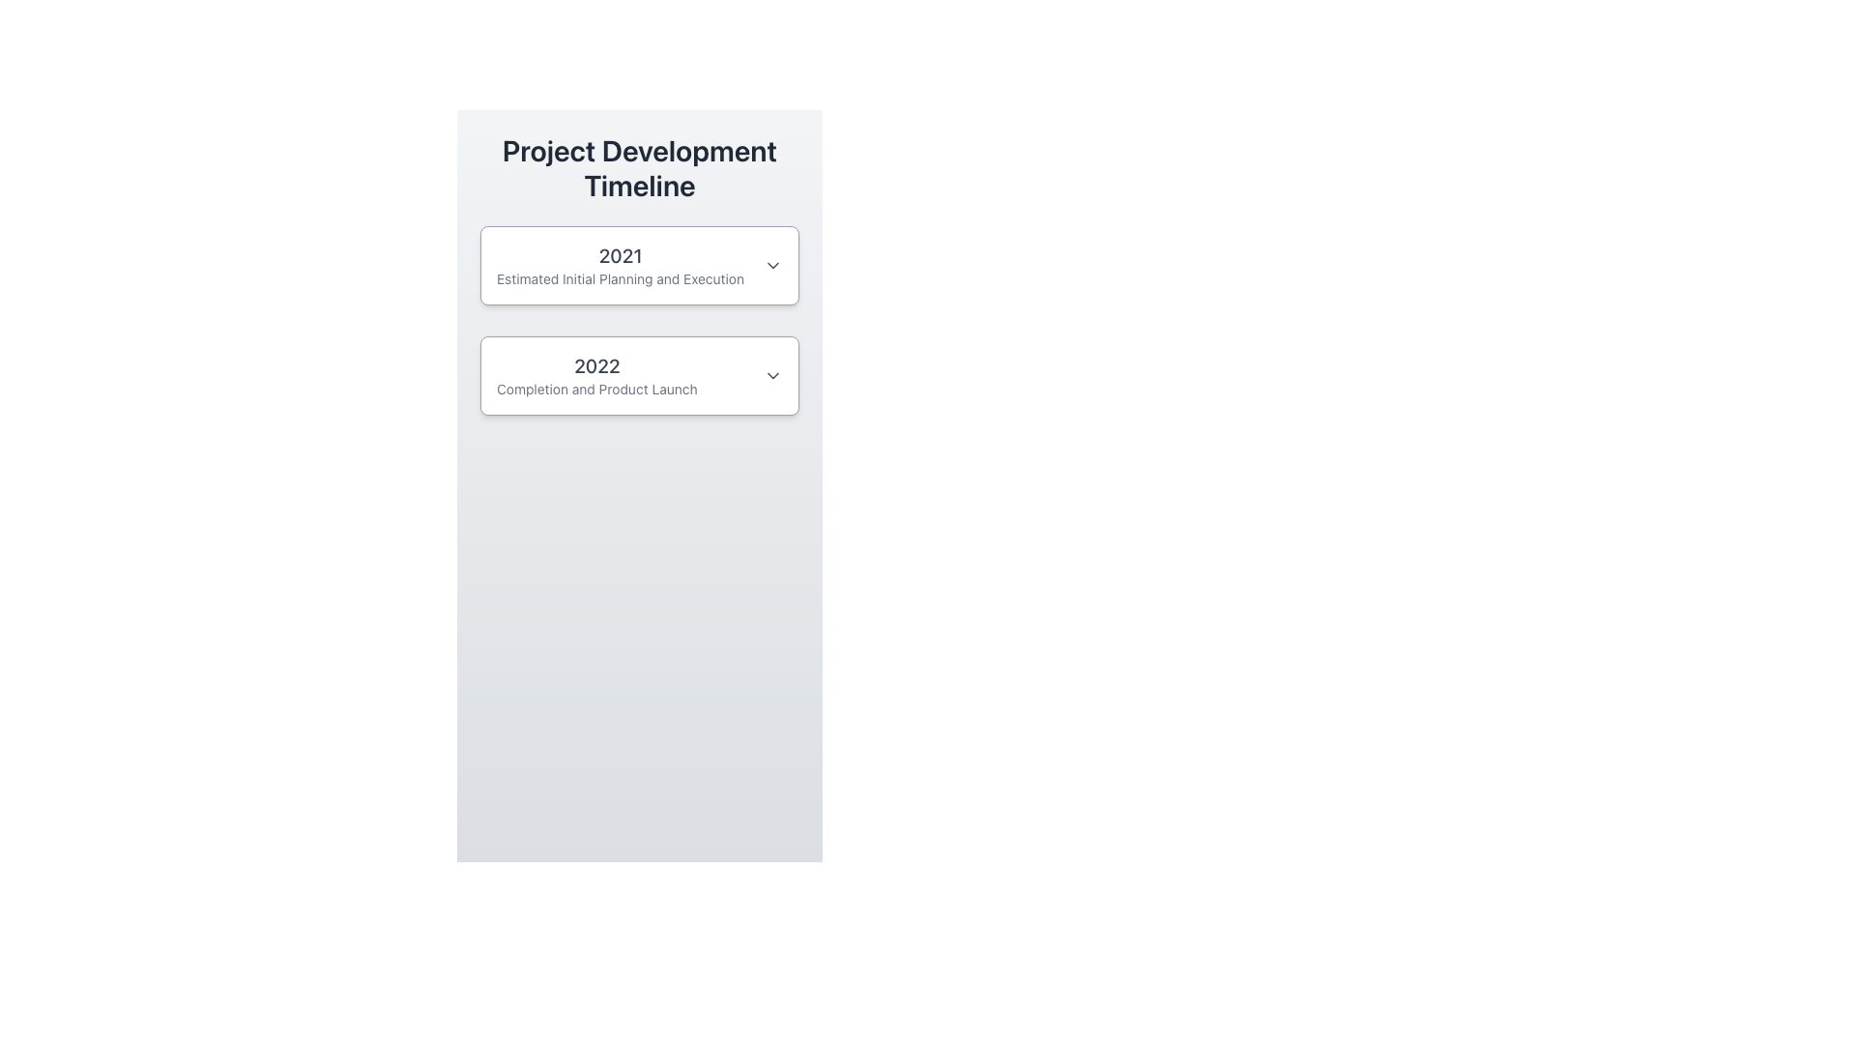 This screenshot has height=1044, width=1856. What do you see at coordinates (595, 376) in the screenshot?
I see `text label displaying '2022' and 'Completion and Product Launch' located in the second section of the timeline component, positioned below the '2021 Estimated Initial Planning and Execution' text` at bounding box center [595, 376].